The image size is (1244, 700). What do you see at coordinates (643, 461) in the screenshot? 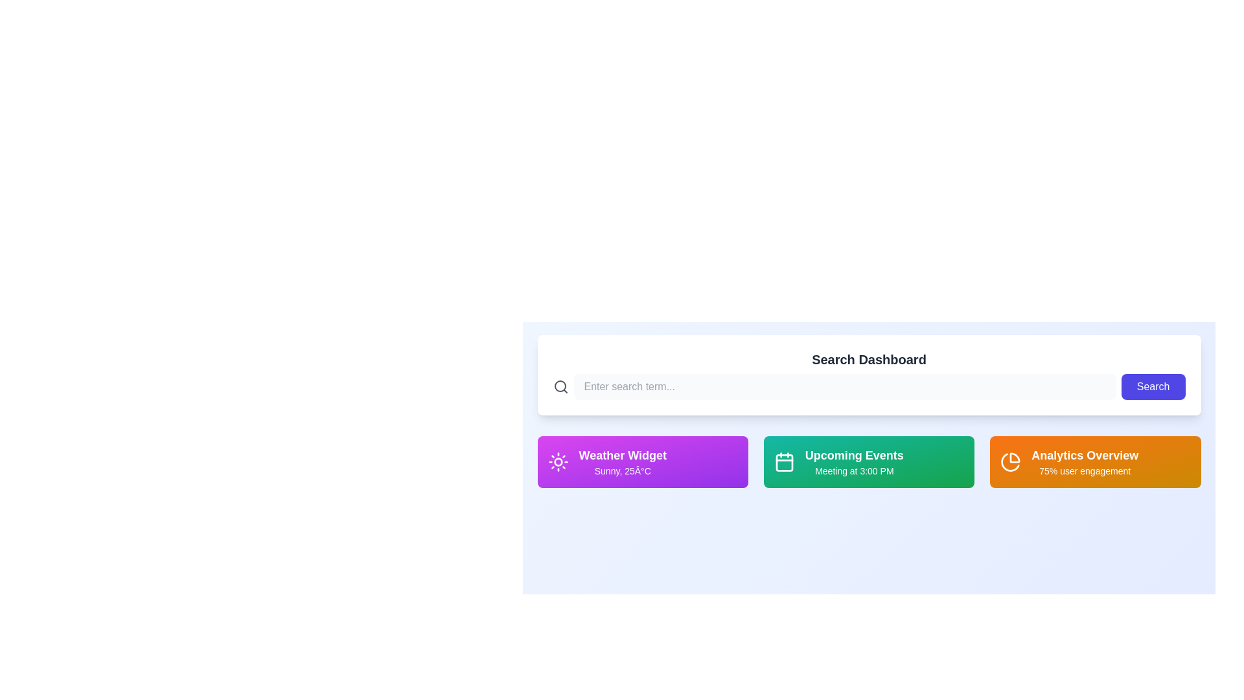
I see `the Weather Widget card, which is a rectangular card with a gradient background from fuchsia to purple, featuring a white sun icon on the left and the text 'Weather Widget' in bold and 'Sunny, 25°C' below it, both in white and aligned to the left` at bounding box center [643, 461].